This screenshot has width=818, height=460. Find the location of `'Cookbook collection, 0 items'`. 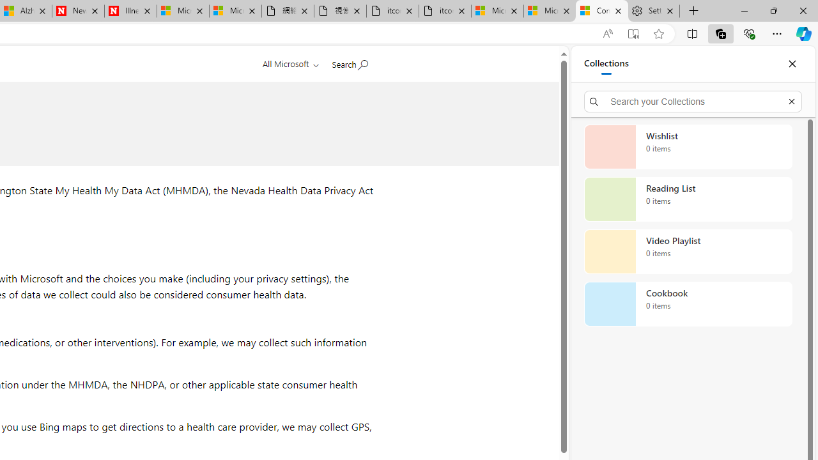

'Cookbook collection, 0 items' is located at coordinates (688, 303).